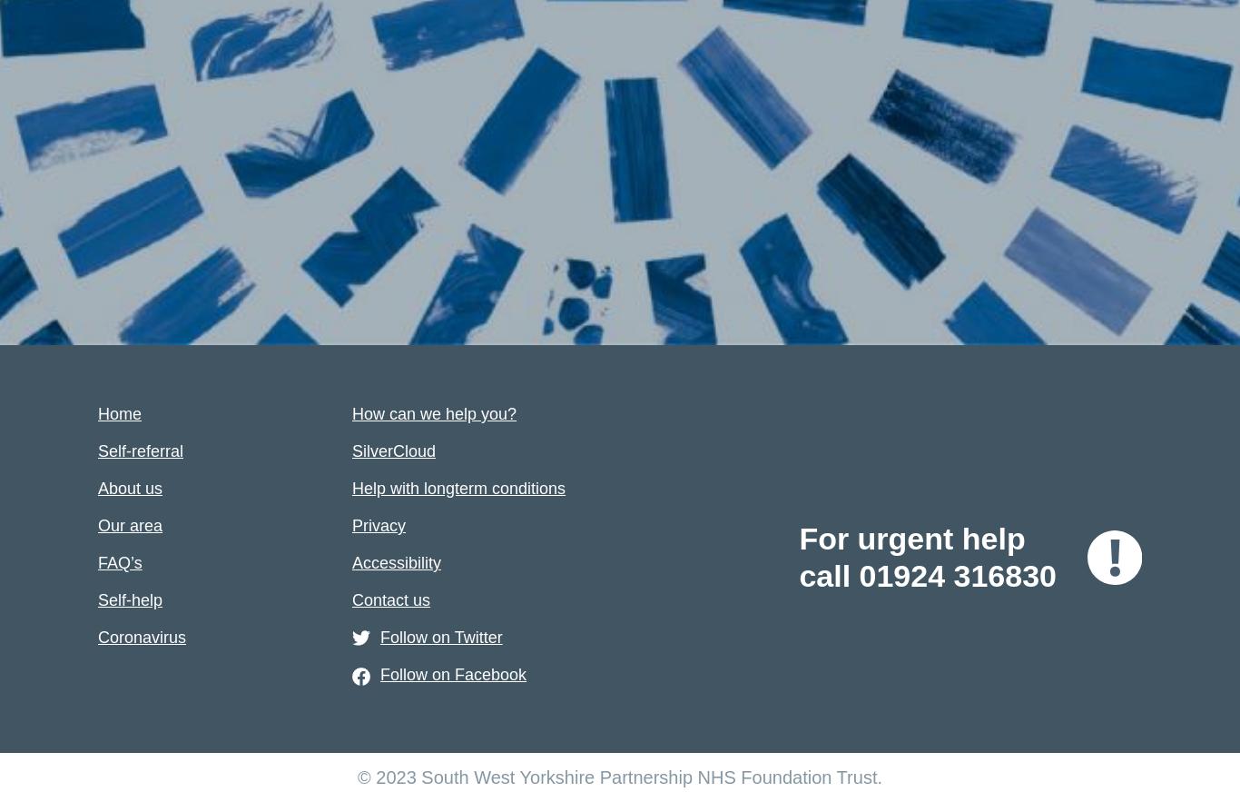 The image size is (1240, 802). Describe the element at coordinates (441, 637) in the screenshot. I see `'Follow on Twitter'` at that location.